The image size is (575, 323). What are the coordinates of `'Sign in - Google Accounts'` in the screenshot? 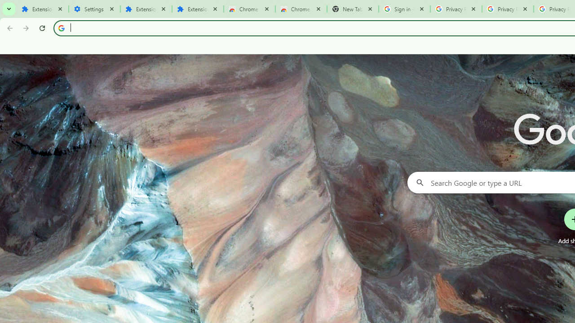 It's located at (404, 9).